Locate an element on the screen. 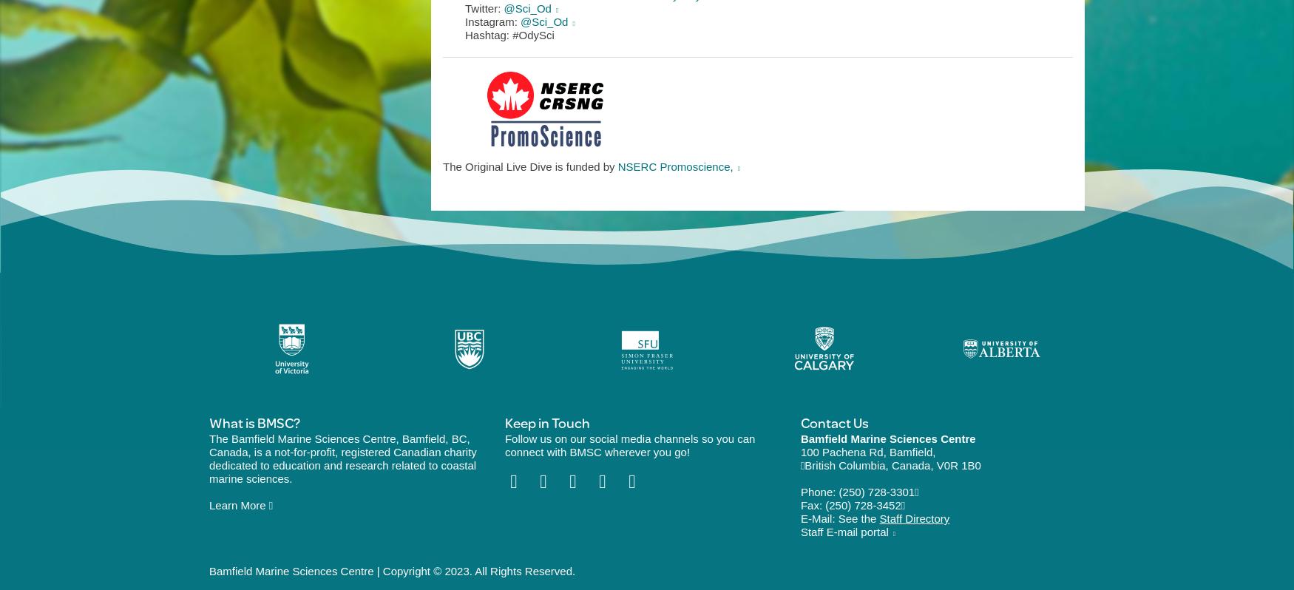 The width and height of the screenshot is (1294, 590). 'The Original Live Dive is funded by' is located at coordinates (529, 166).